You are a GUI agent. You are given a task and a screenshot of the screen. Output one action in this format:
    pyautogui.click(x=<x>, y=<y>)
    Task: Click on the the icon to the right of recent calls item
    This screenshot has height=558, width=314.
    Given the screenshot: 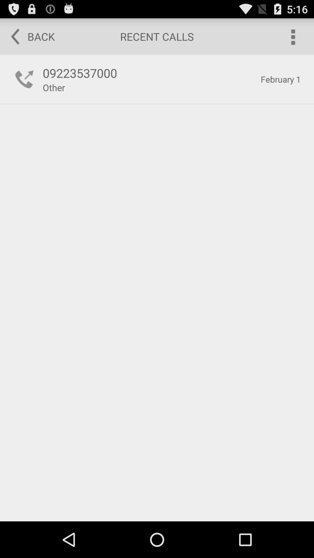 What is the action you would take?
    pyautogui.click(x=292, y=36)
    